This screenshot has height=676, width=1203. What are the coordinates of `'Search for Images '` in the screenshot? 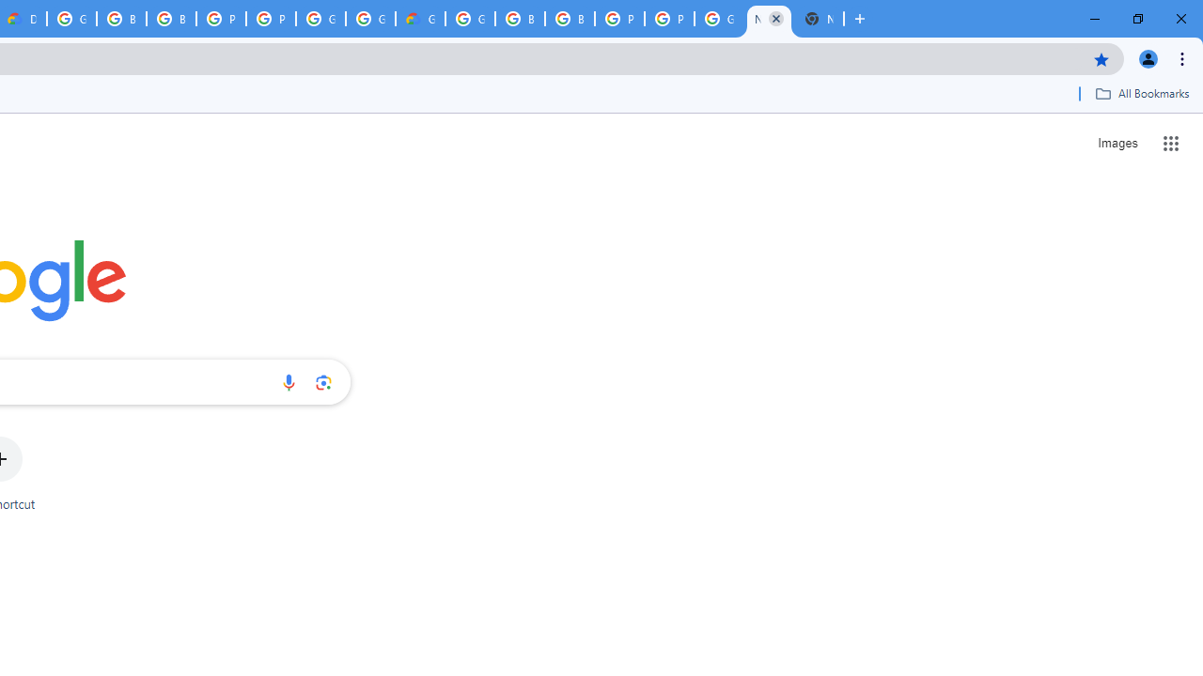 It's located at (1117, 143).